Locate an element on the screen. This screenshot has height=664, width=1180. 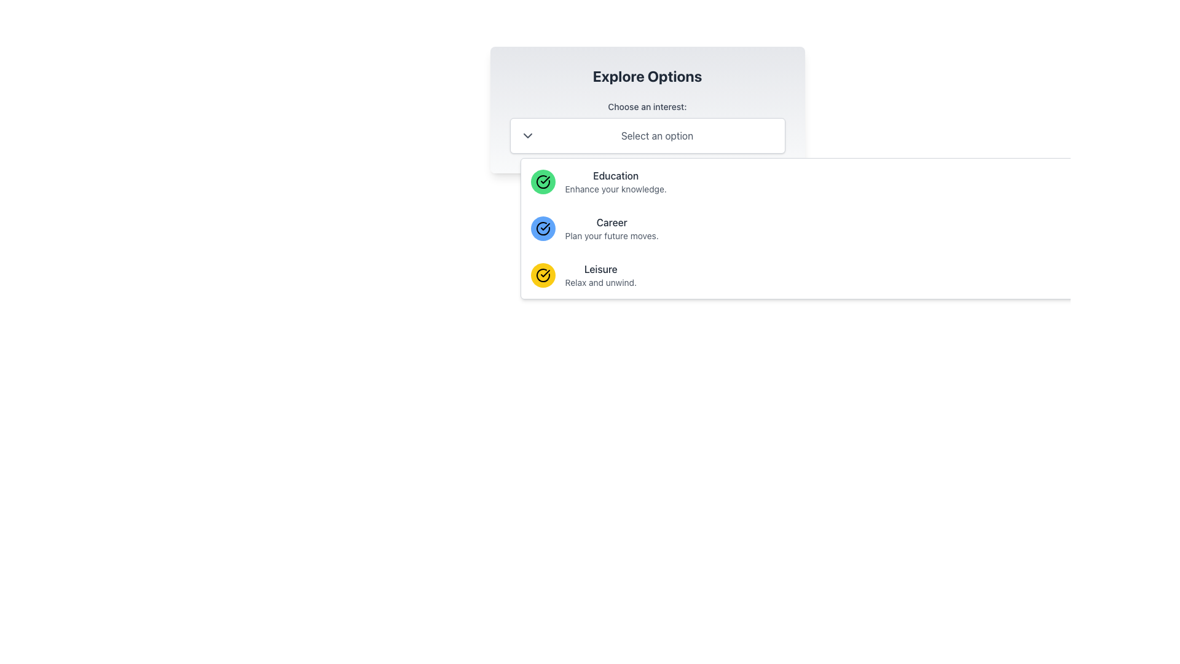
the green check mark icon within a circular background located at the leftmost side of the 'Education' option in the dropdown menu is located at coordinates (542, 182).